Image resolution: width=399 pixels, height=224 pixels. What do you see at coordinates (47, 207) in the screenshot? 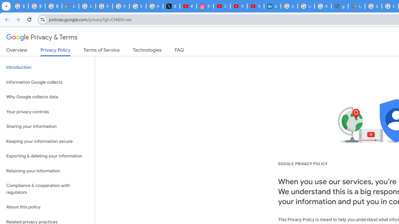
I see `'About this policy'` at bounding box center [47, 207].